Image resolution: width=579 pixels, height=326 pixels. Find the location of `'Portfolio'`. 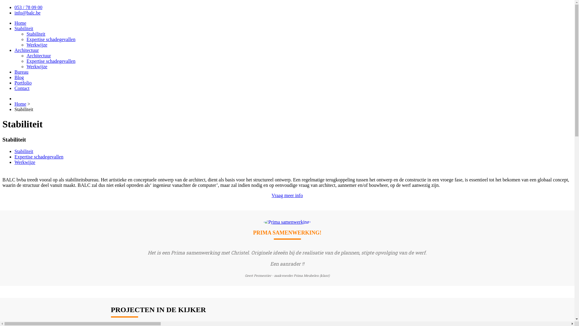

'Portfolio' is located at coordinates (14, 83).